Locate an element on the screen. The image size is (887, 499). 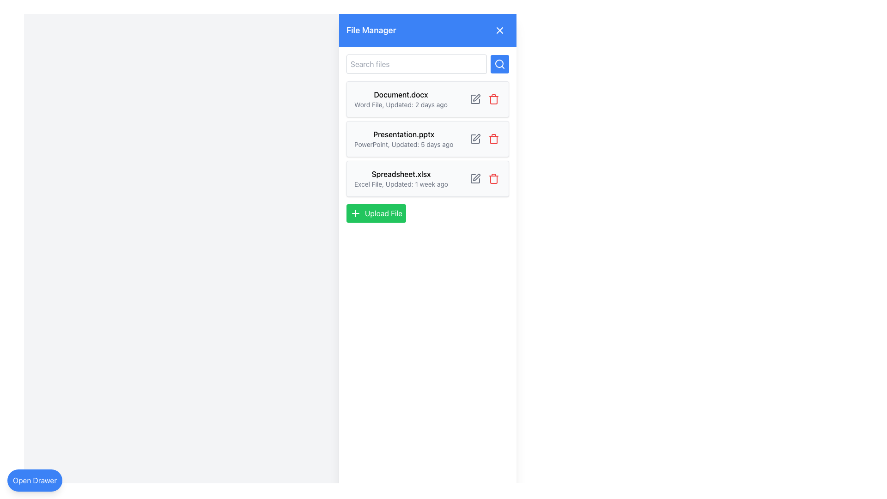
the interactive red trash icon button located at the bottom right of the 'Spreadsheet.xlsx' file listing is located at coordinates (493, 178).